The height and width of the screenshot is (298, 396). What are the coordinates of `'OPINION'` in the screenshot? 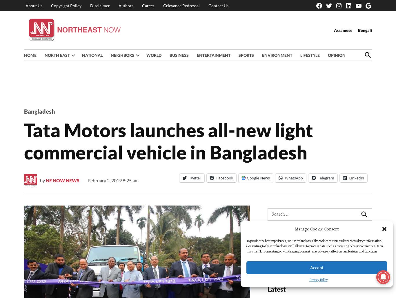 It's located at (337, 55).